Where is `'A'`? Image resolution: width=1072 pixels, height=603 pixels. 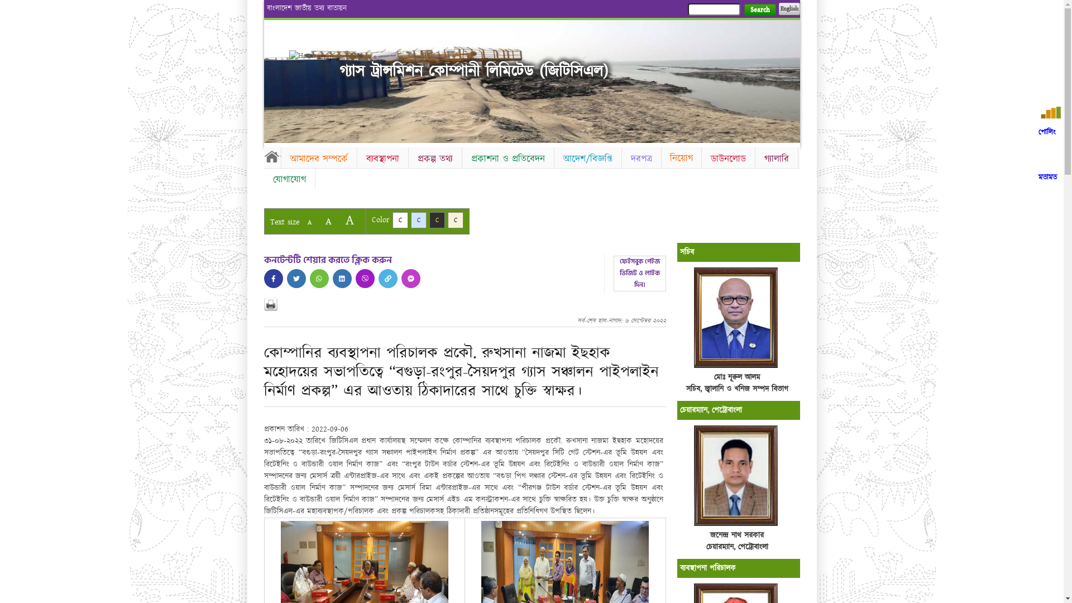
'A' is located at coordinates (348, 220).